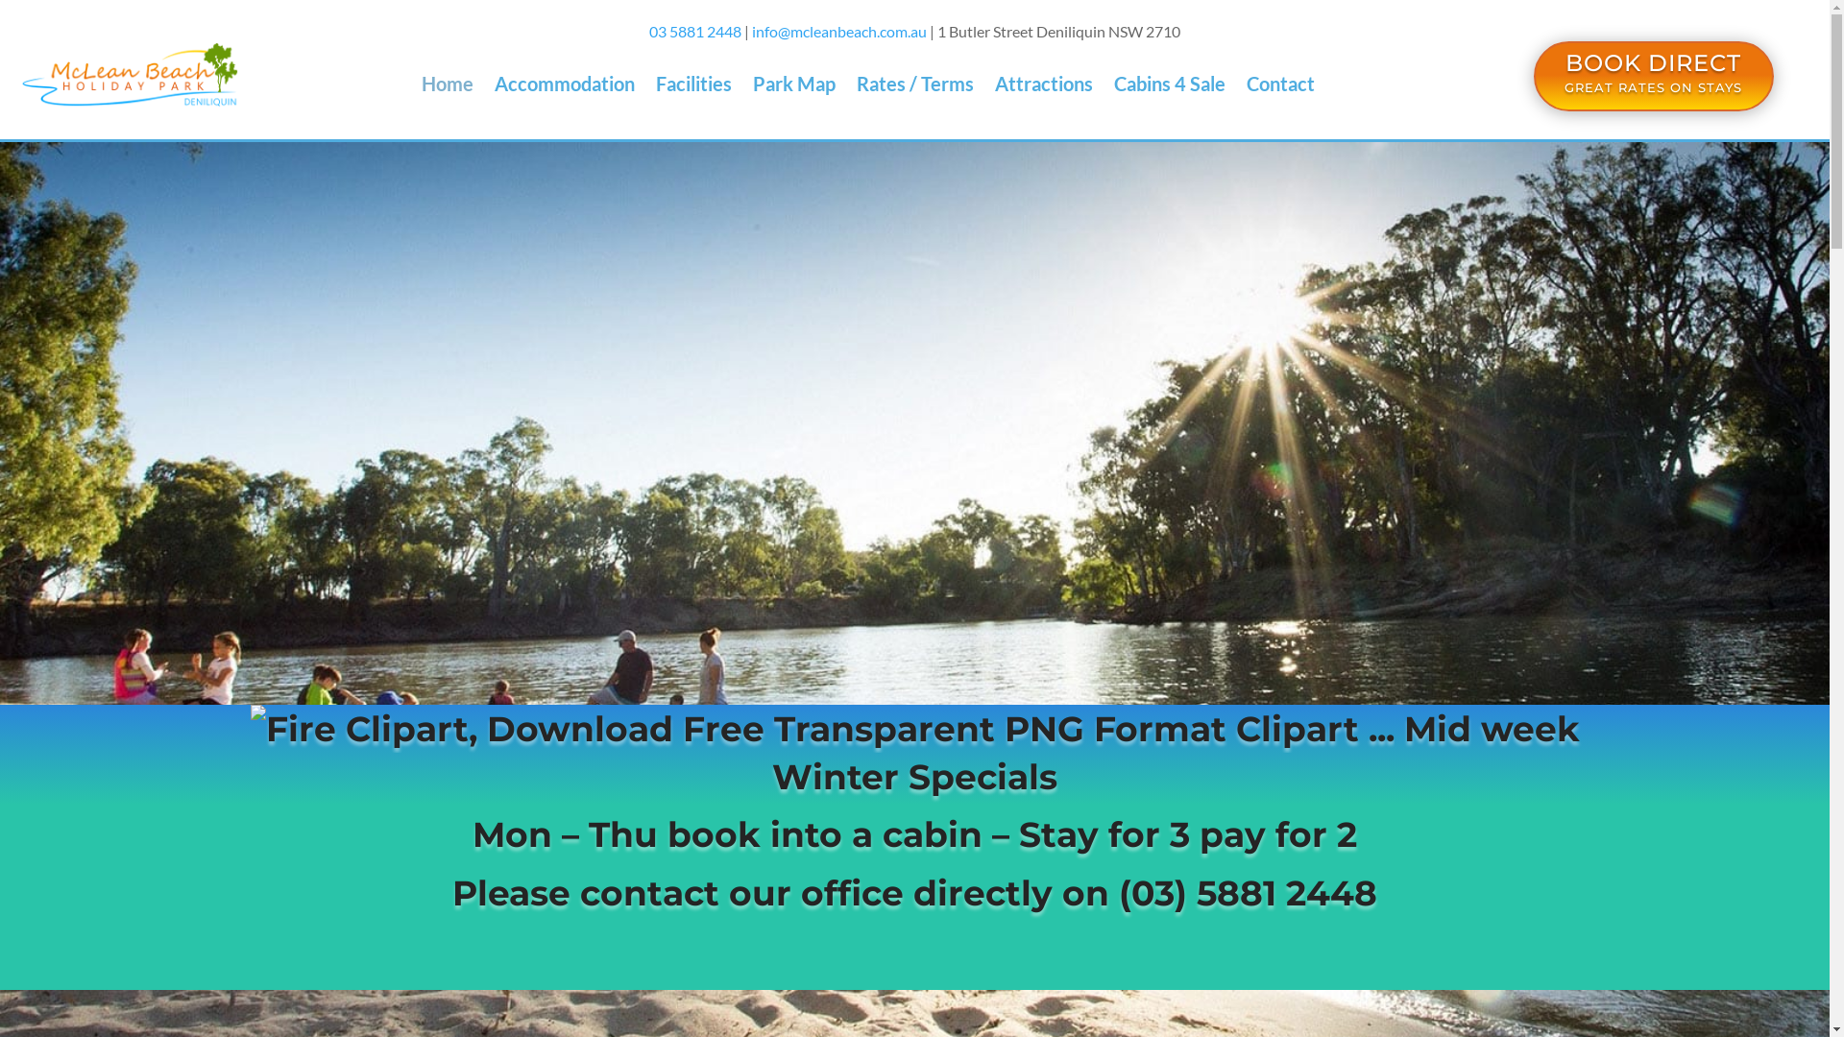  What do you see at coordinates (838, 31) in the screenshot?
I see `'info@mcleanbeach.com.au'` at bounding box center [838, 31].